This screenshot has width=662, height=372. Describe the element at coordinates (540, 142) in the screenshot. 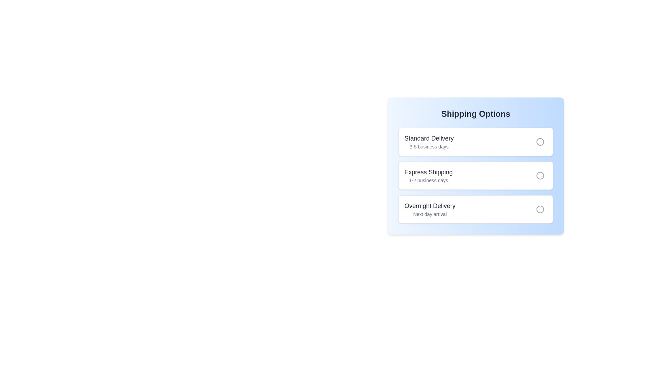

I see `the circular selection indicator for 'Standard Delivery' in the 'Shipping Options' card` at that location.